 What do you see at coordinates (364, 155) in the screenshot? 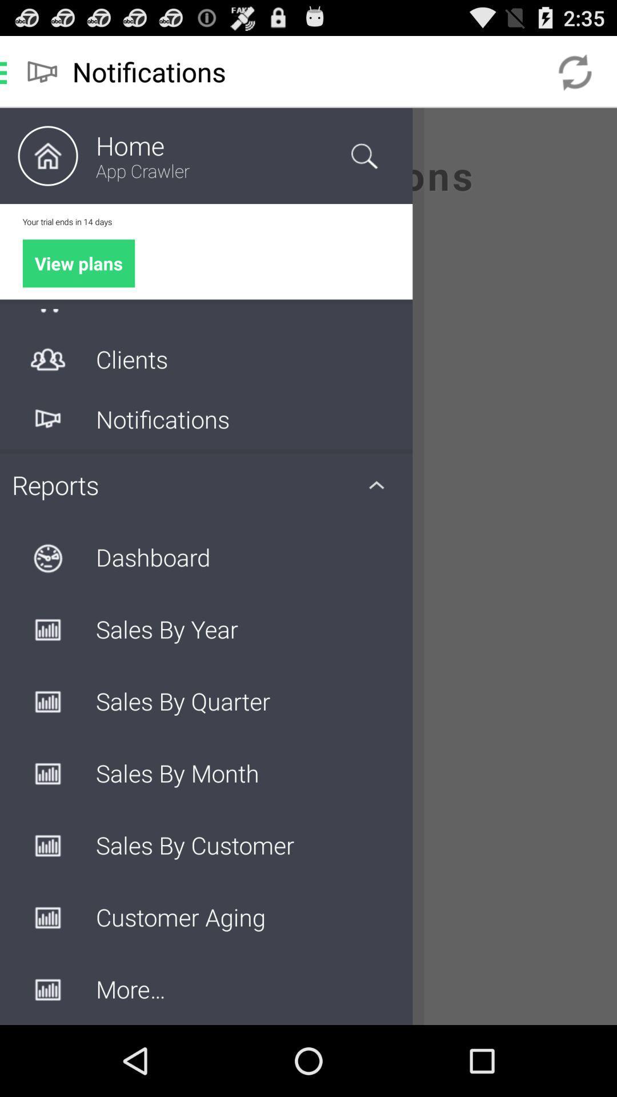
I see `search icon` at bounding box center [364, 155].